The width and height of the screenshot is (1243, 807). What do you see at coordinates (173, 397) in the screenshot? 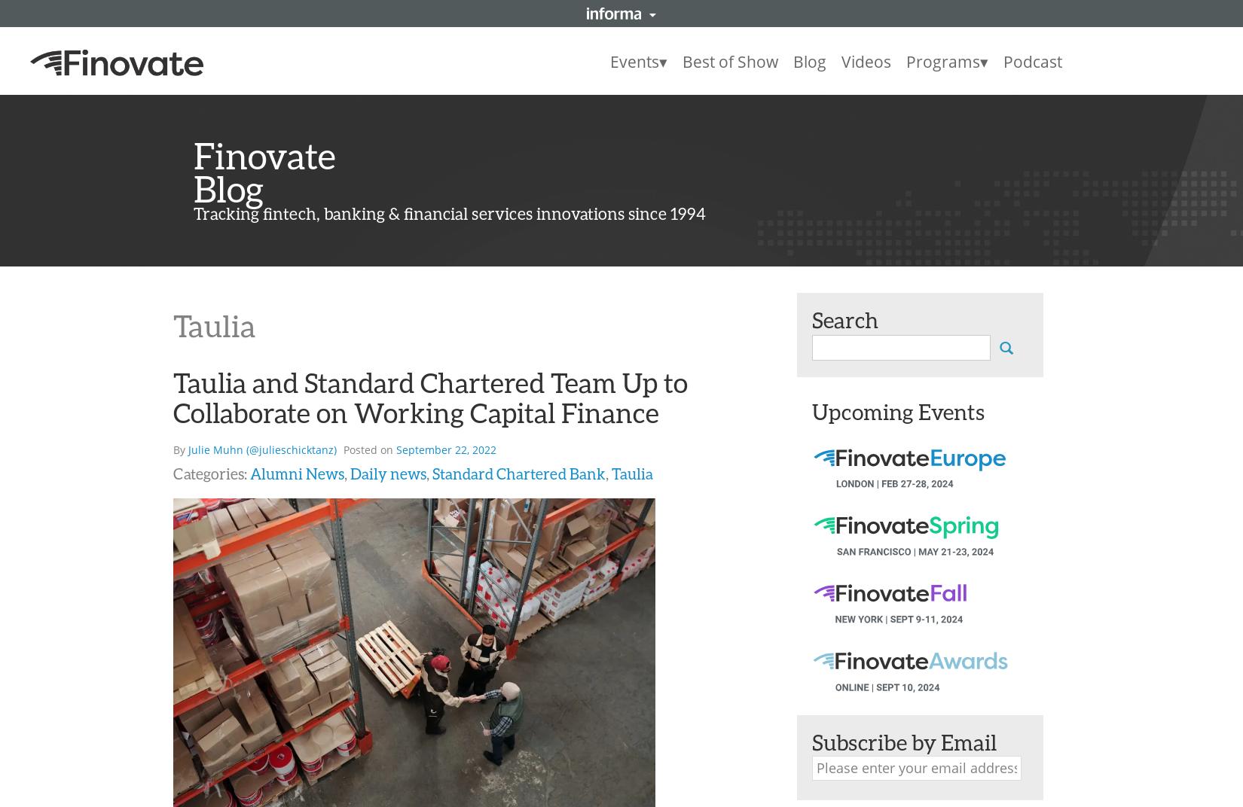
I see `'Taulia and Standard Chartered Team Up to Collaborate on Working Capital Finance'` at bounding box center [173, 397].